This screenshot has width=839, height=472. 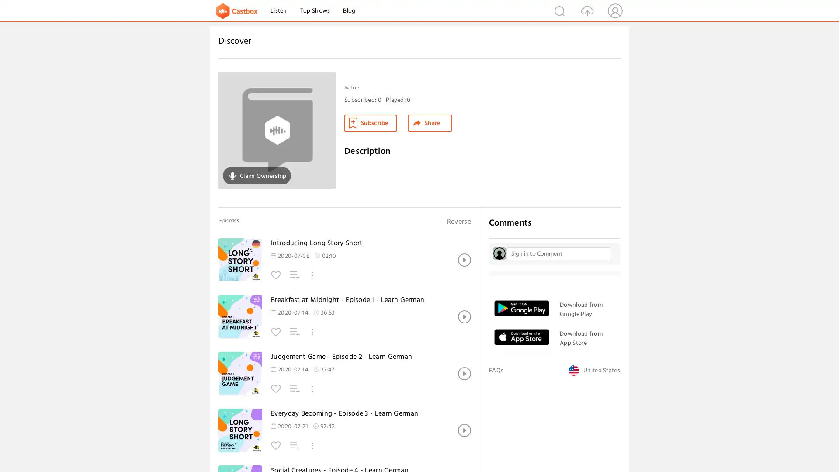 What do you see at coordinates (799, 448) in the screenshot?
I see `Got it!` at bounding box center [799, 448].